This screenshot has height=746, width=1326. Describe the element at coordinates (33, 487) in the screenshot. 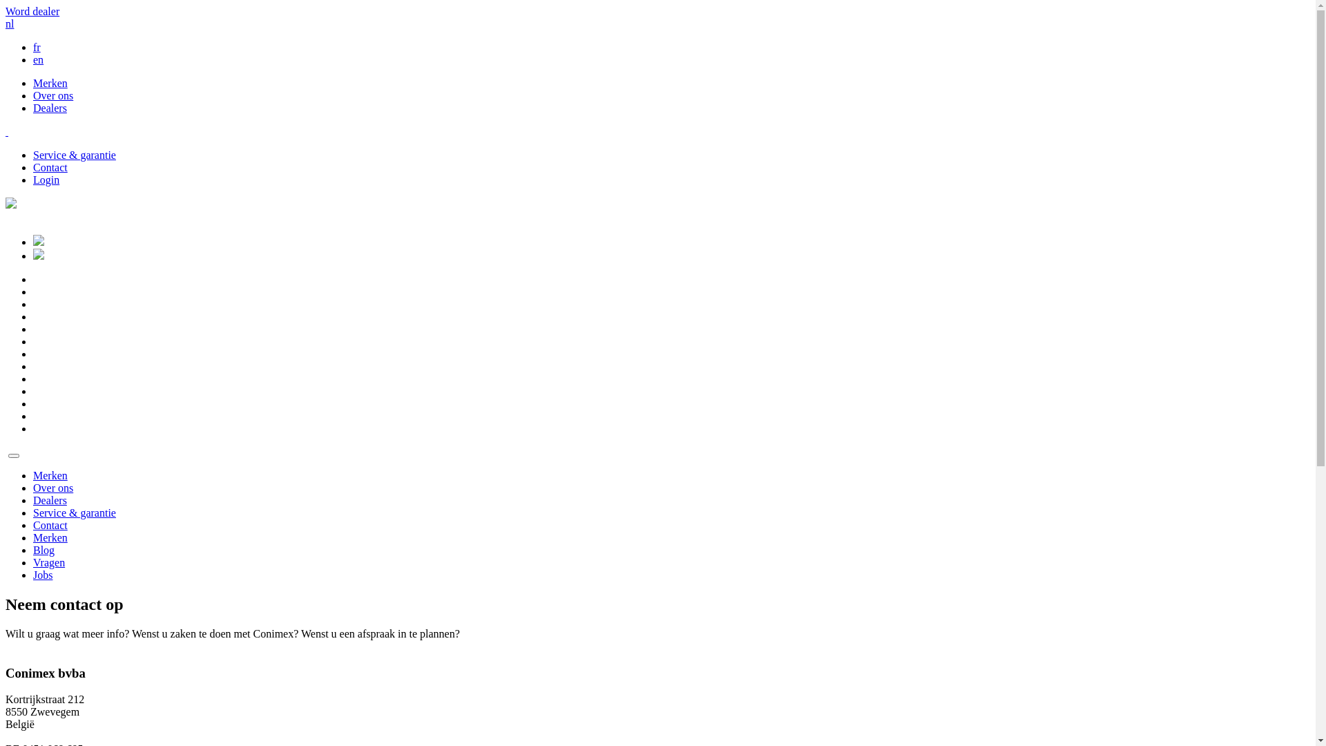

I see `'Over ons'` at that location.